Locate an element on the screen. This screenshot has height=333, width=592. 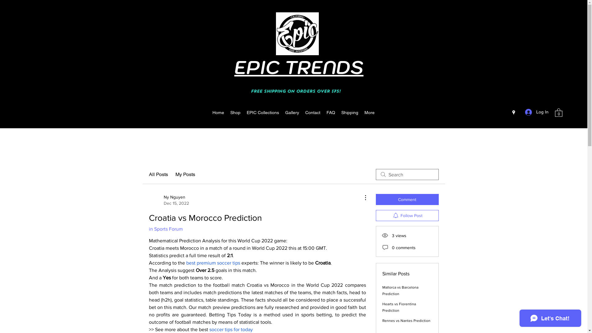
'Contact' is located at coordinates (313, 113).